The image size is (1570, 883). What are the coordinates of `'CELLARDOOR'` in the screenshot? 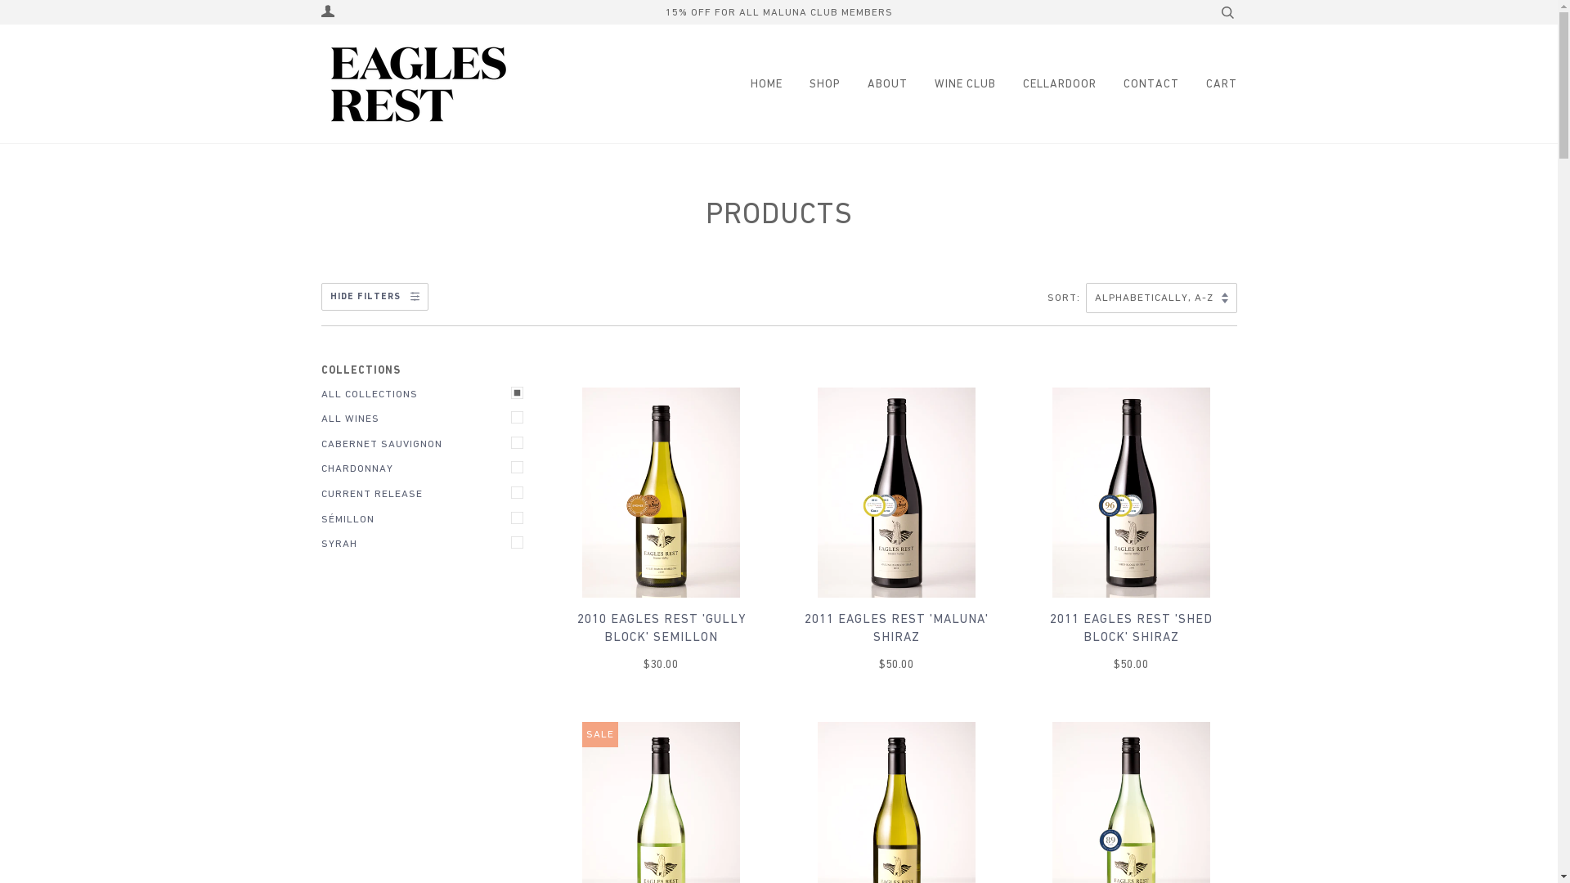 It's located at (1047, 83).